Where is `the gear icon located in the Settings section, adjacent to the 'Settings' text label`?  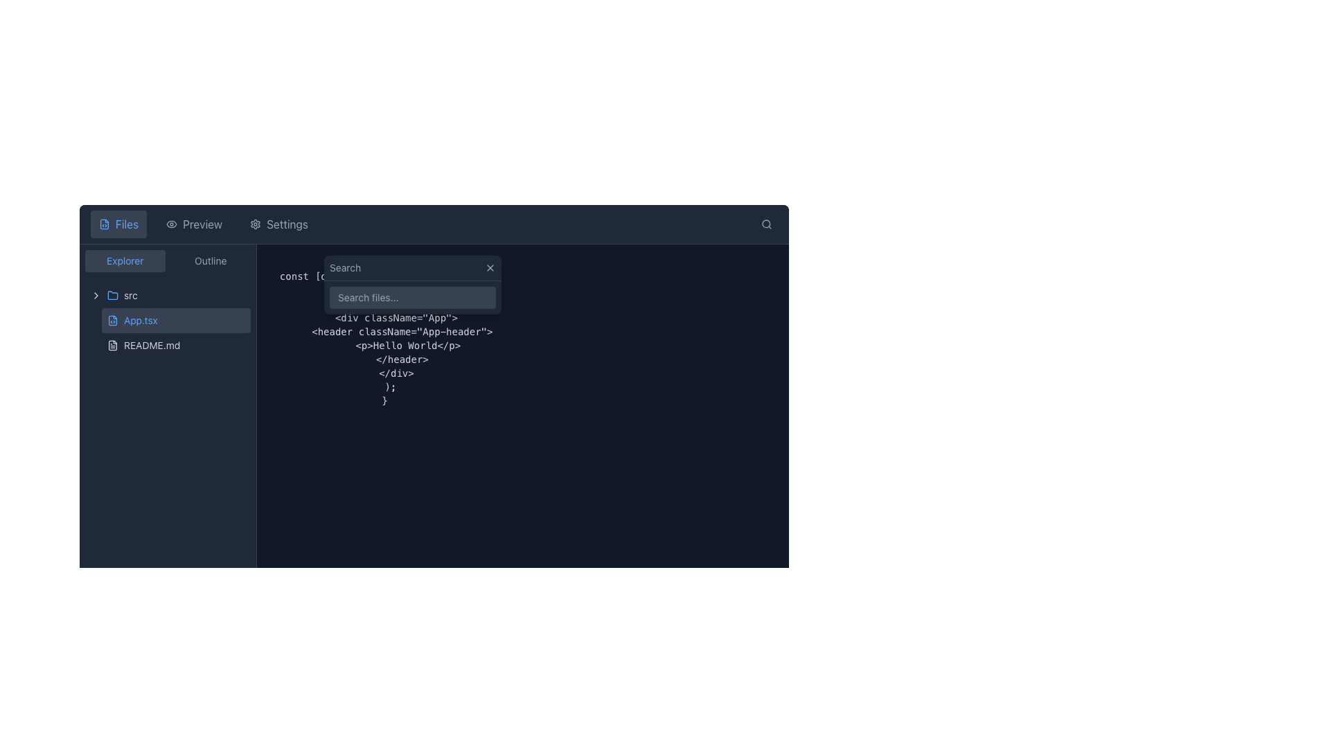
the gear icon located in the Settings section, adjacent to the 'Settings' text label is located at coordinates (256, 224).